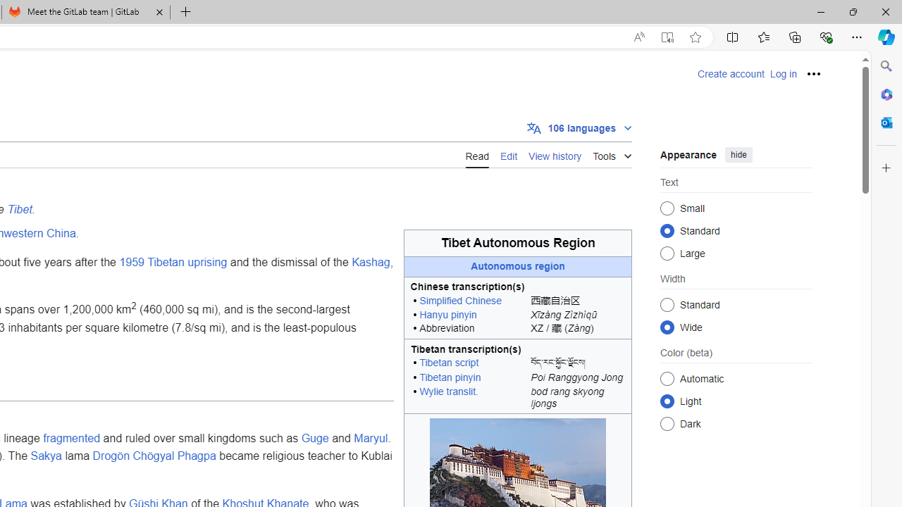 This screenshot has height=507, width=902. Describe the element at coordinates (731, 74) in the screenshot. I see `'Create account'` at that location.